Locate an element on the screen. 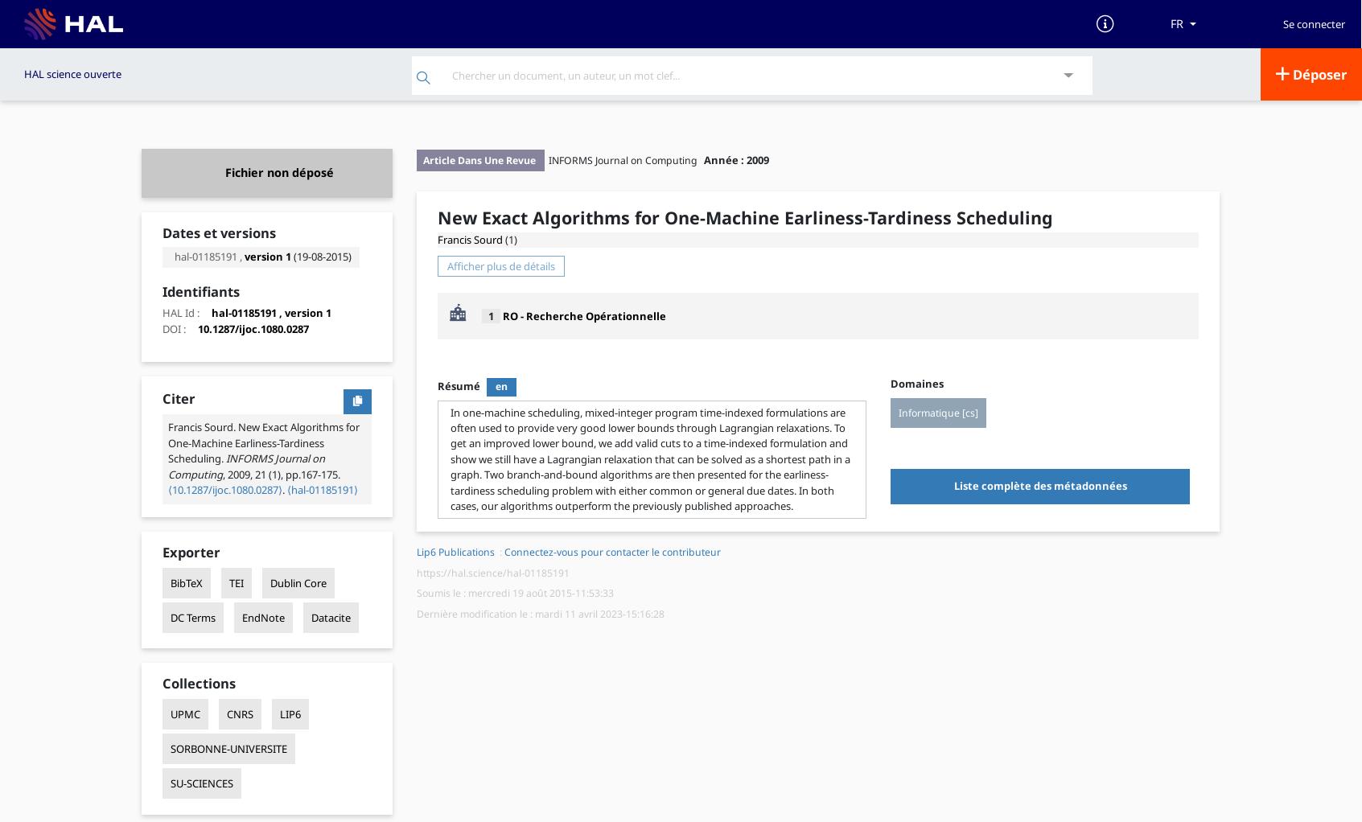  'EndNote' is located at coordinates (261, 616).